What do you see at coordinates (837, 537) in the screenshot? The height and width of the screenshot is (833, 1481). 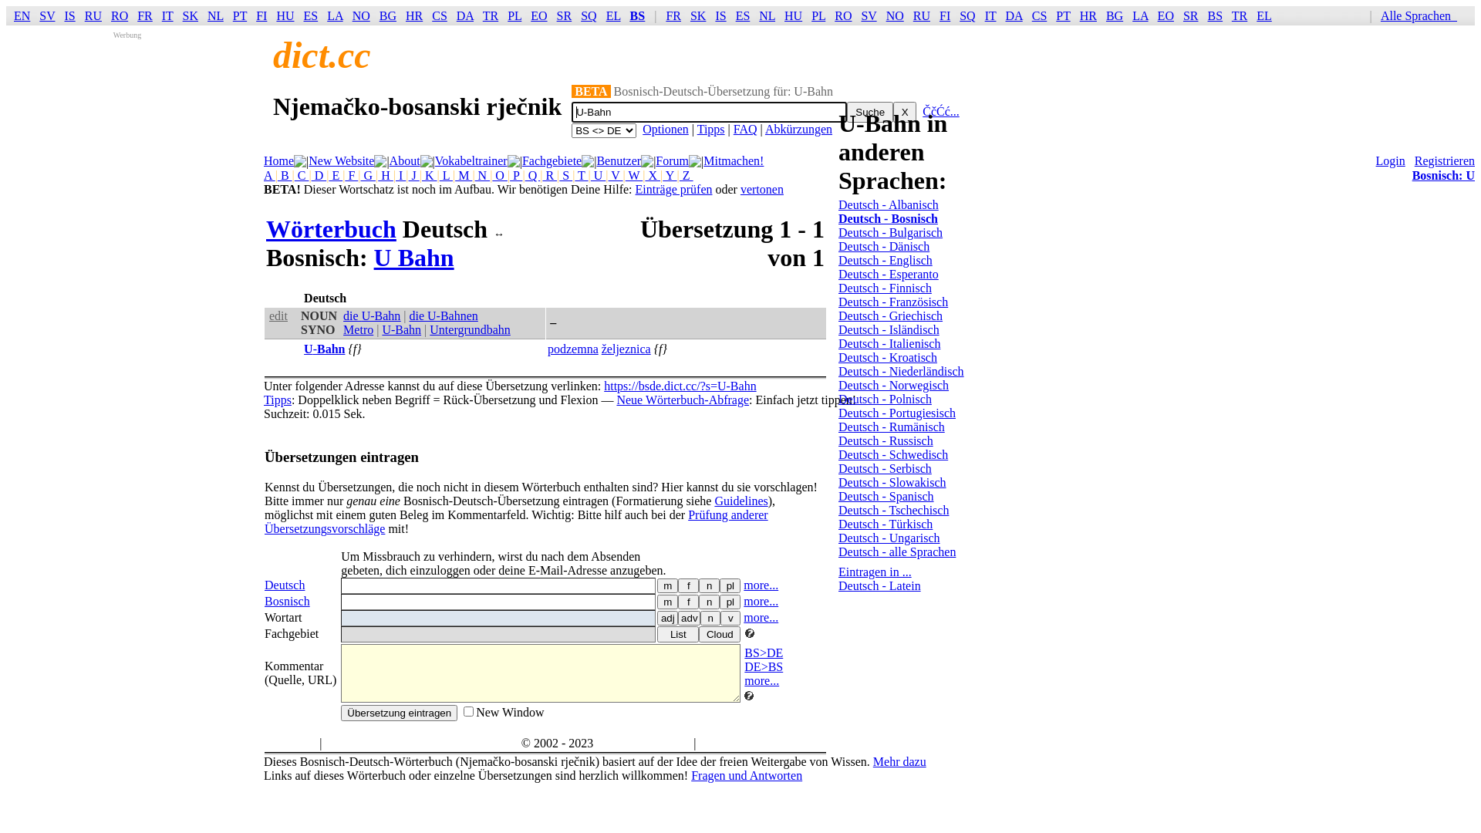 I see `'Deutsch - Ungarisch'` at bounding box center [837, 537].